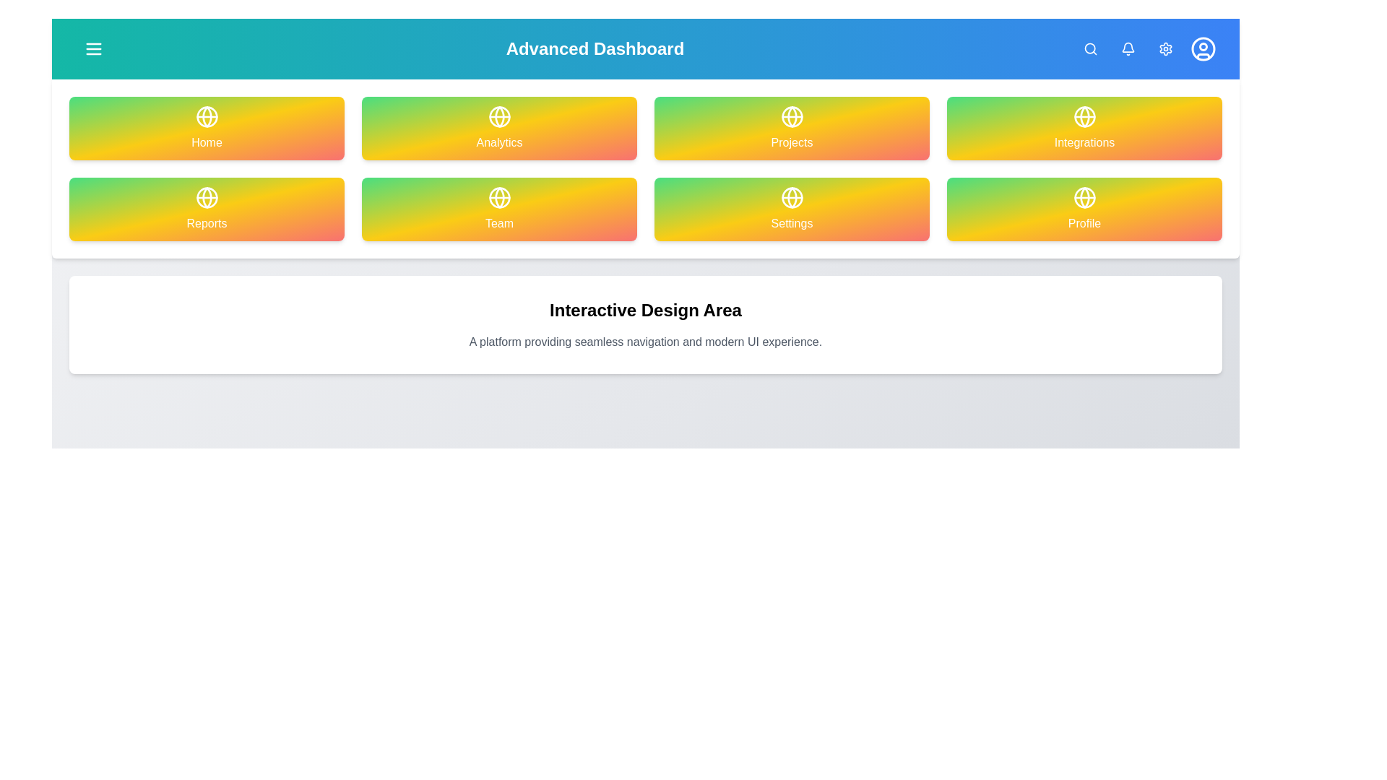  What do you see at coordinates (1165, 48) in the screenshot?
I see `the Settings button in the navigation bar` at bounding box center [1165, 48].